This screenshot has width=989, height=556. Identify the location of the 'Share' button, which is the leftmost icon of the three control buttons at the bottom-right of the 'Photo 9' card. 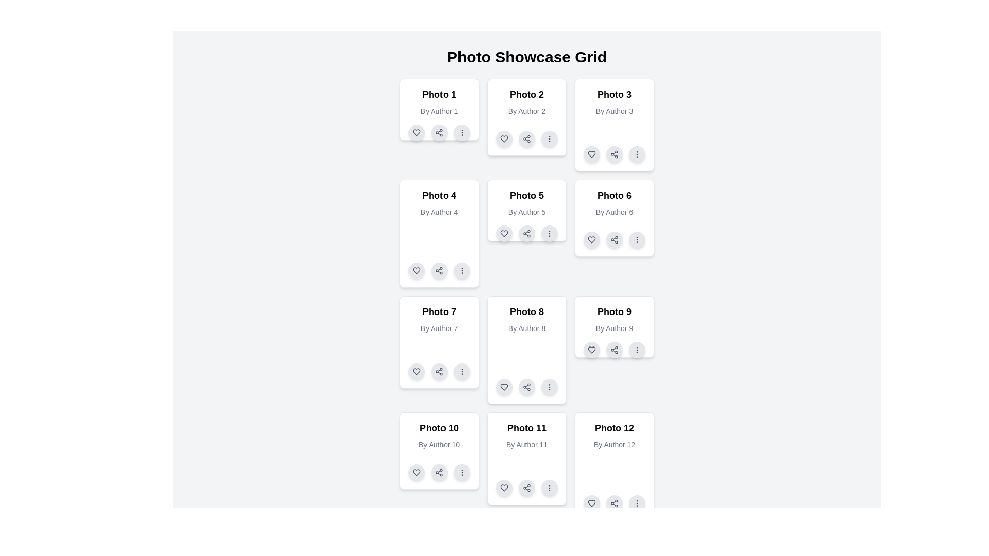
(615, 349).